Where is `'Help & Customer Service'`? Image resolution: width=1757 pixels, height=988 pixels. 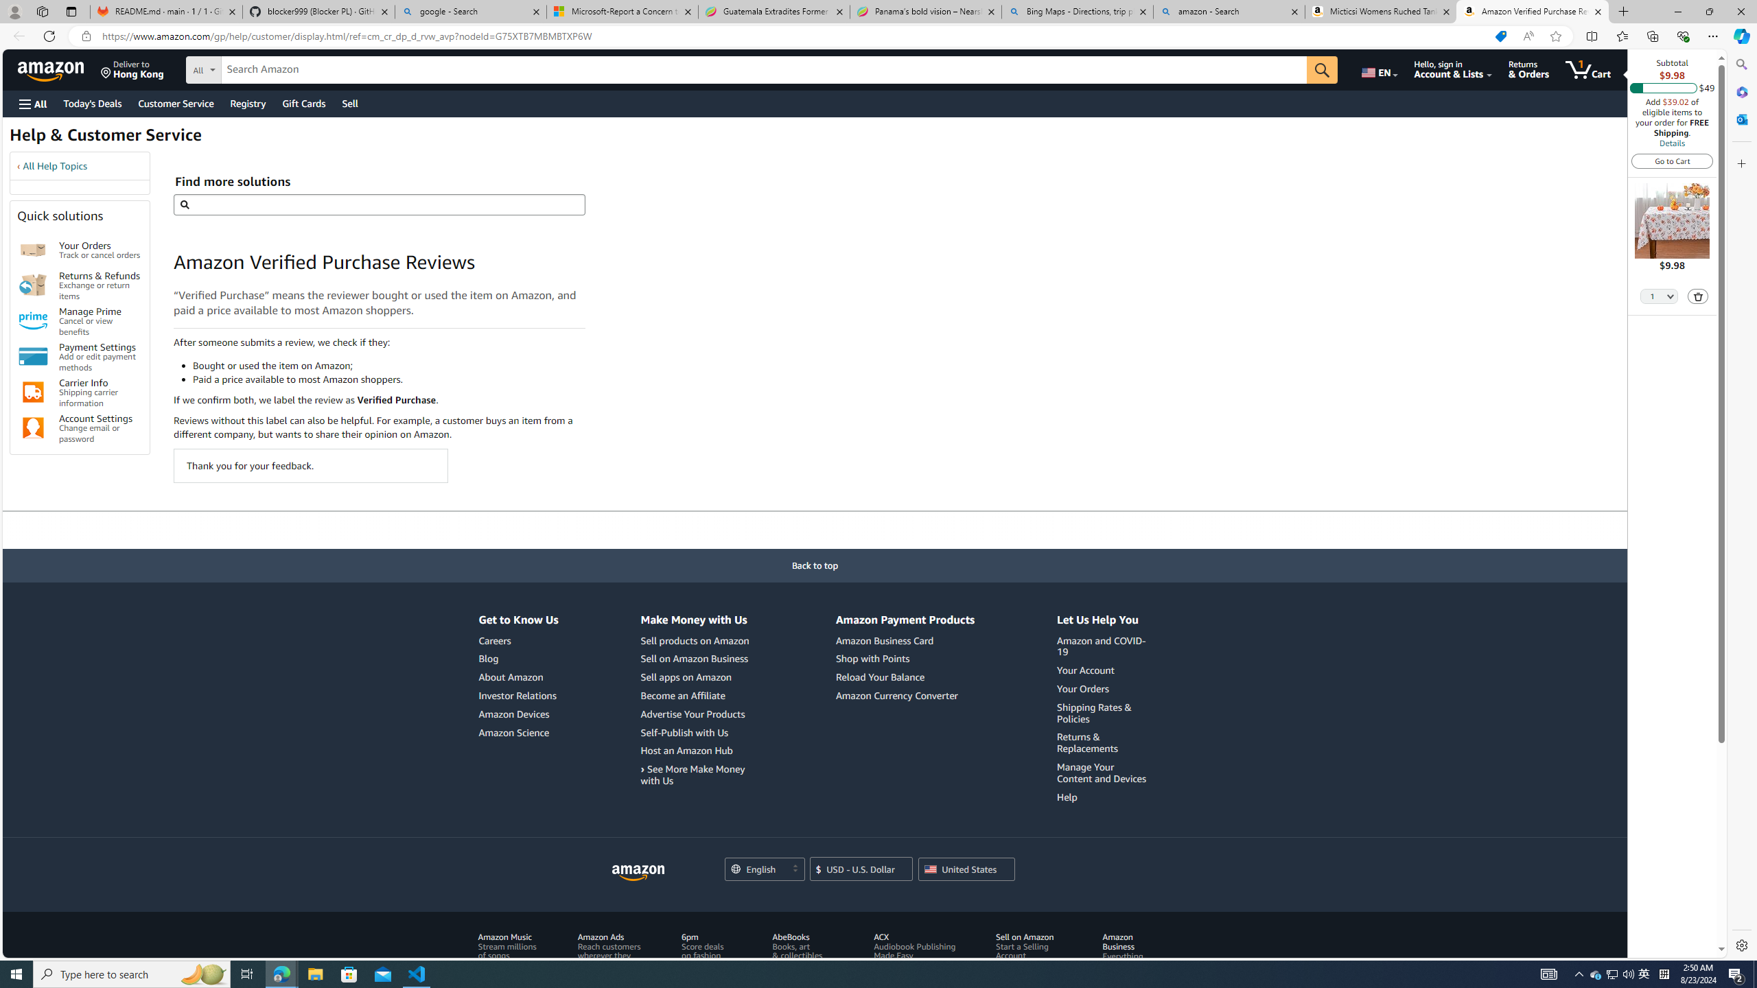 'Help & Customer Service' is located at coordinates (104, 139).